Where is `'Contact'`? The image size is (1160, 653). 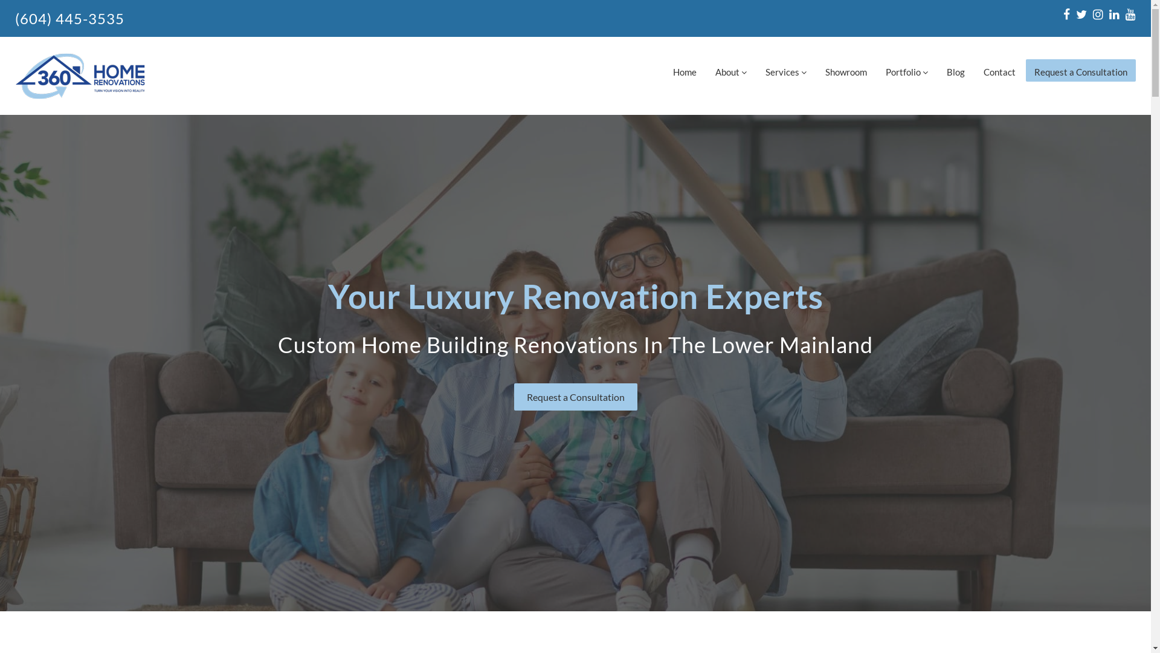
'Contact' is located at coordinates (999, 70).